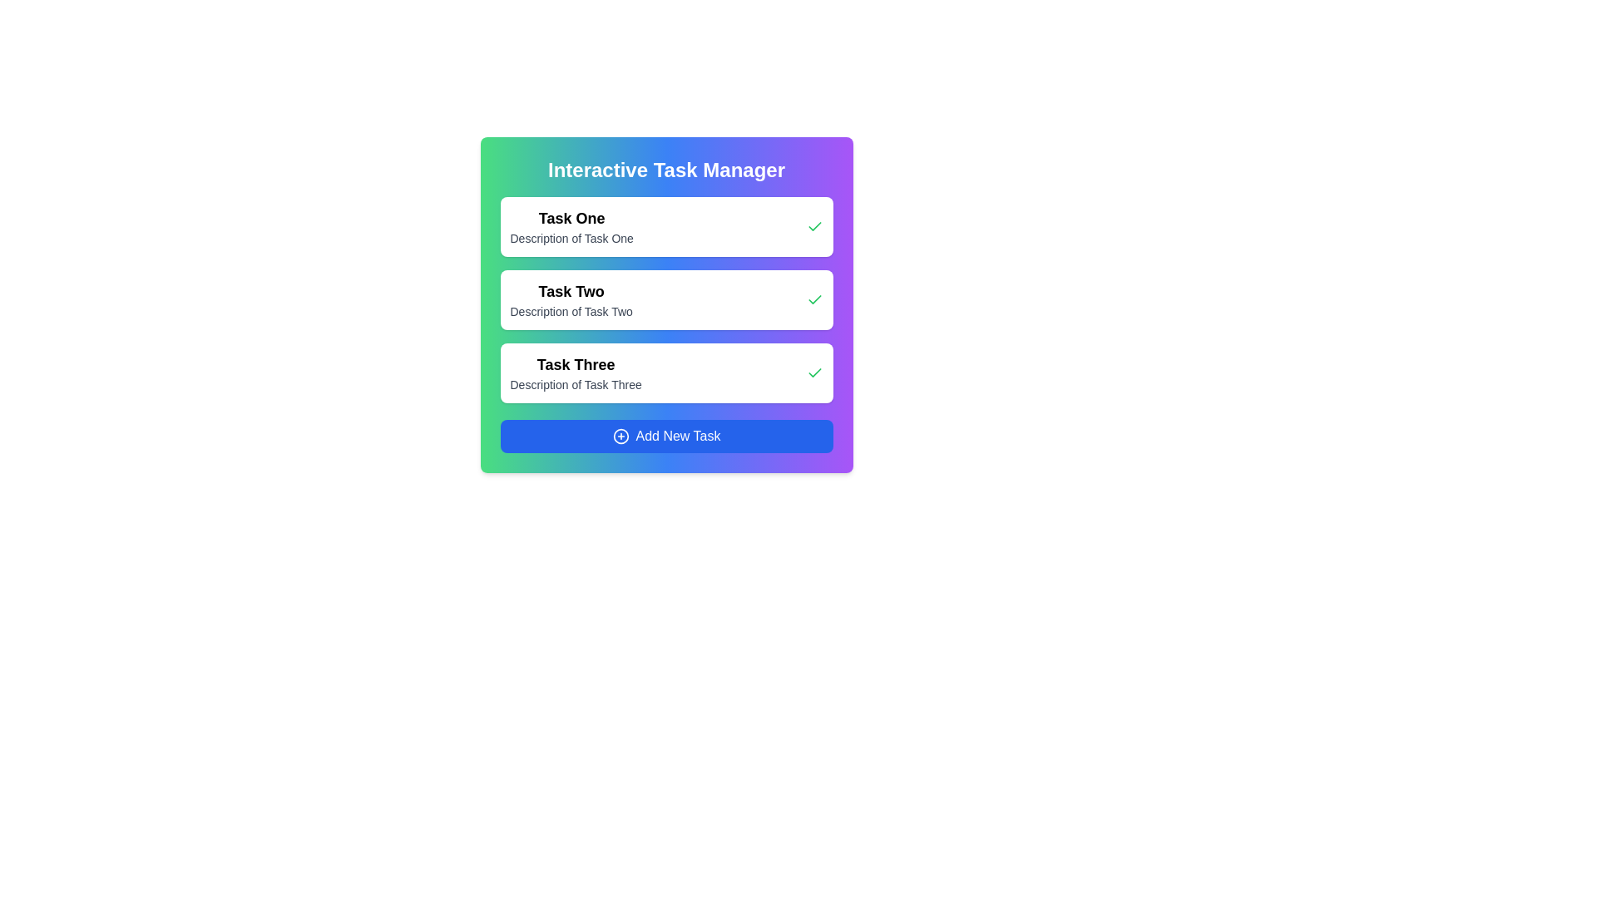 This screenshot has width=1597, height=898. I want to click on the task list item titled 'Task Two', so click(666, 300).